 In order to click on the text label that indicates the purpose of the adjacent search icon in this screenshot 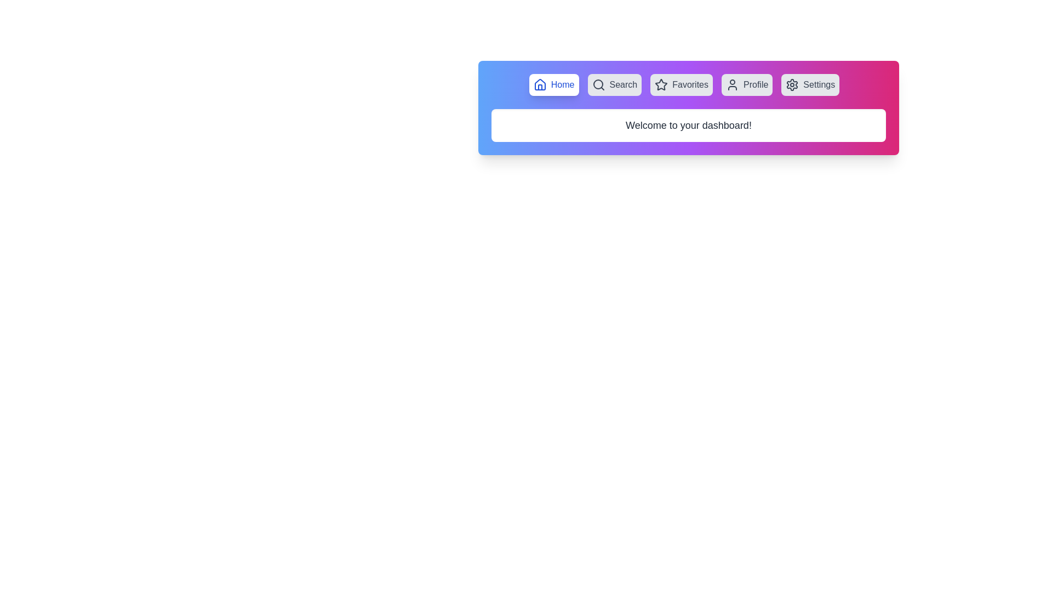, I will do `click(623, 84)`.